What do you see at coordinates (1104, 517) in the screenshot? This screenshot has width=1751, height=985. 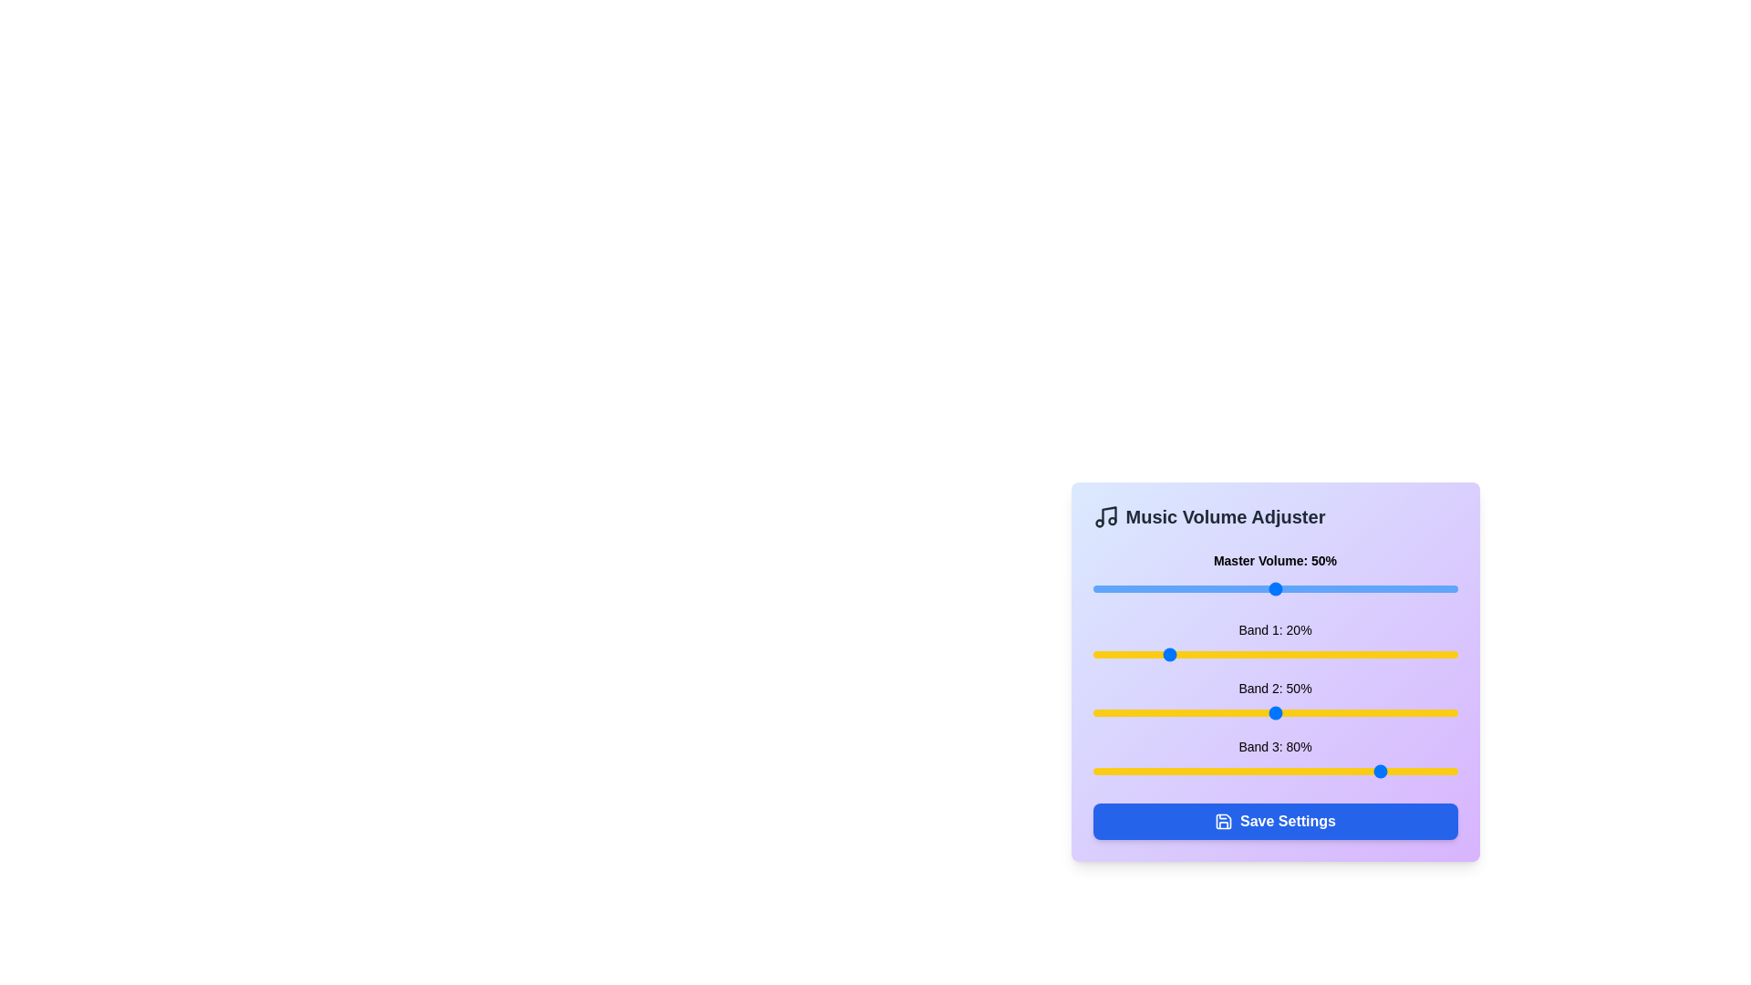 I see `the musical note icon located at the top-left corner of the 'Music Volume Adjuster' section, which is styled with a monochromatic dark shade and has a rounded design` at bounding box center [1104, 517].